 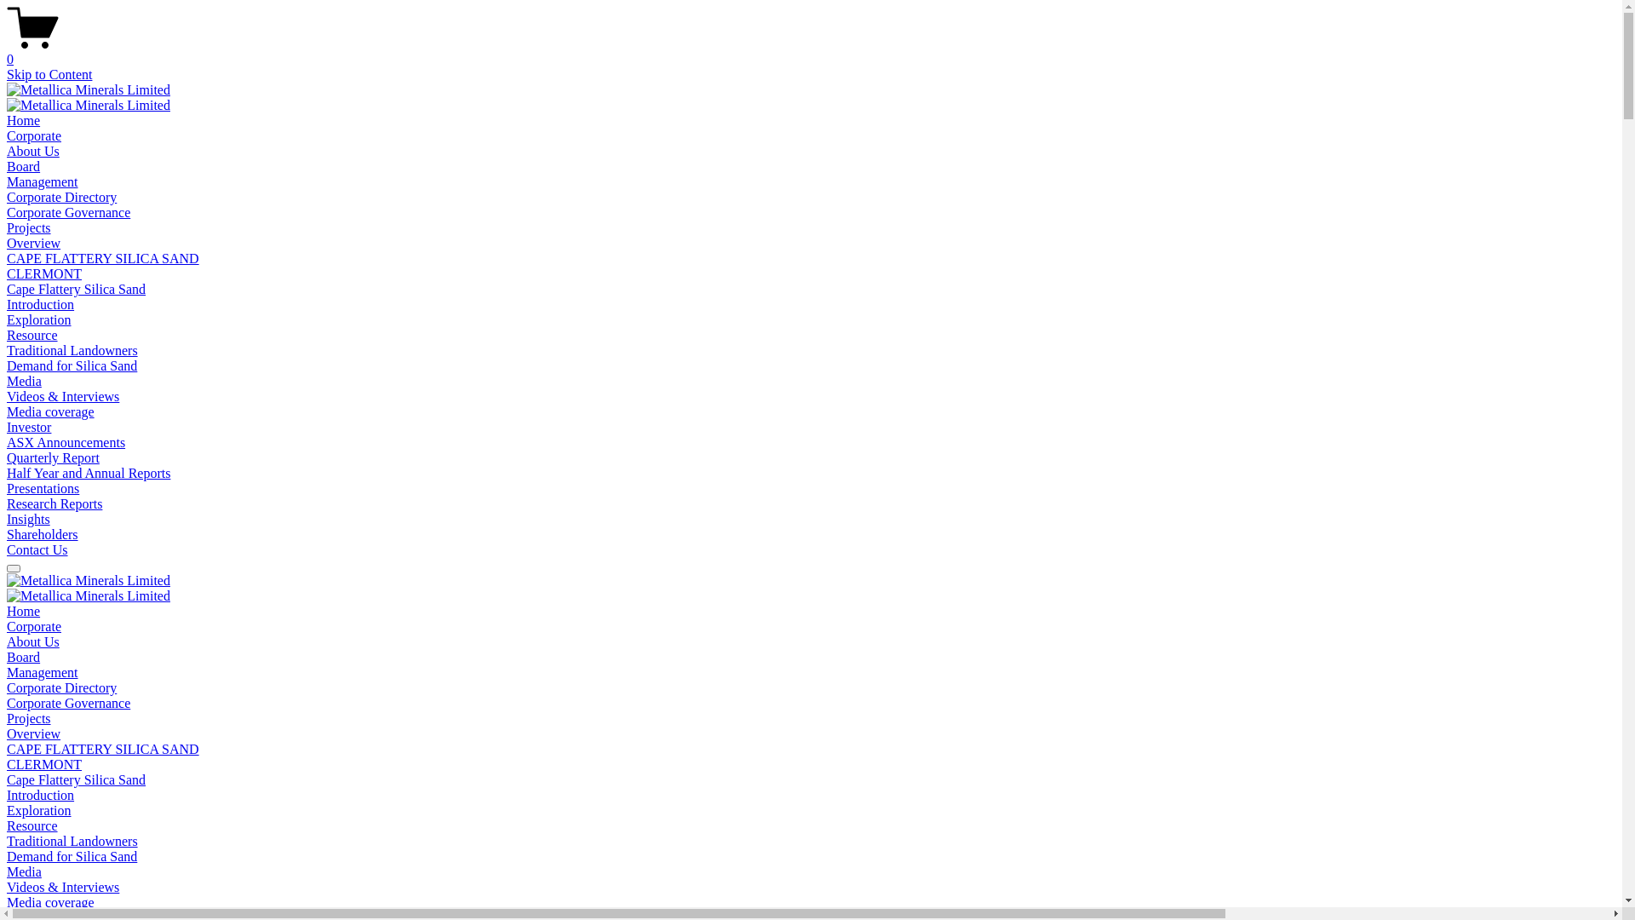 I want to click on 'Home', so click(x=23, y=119).